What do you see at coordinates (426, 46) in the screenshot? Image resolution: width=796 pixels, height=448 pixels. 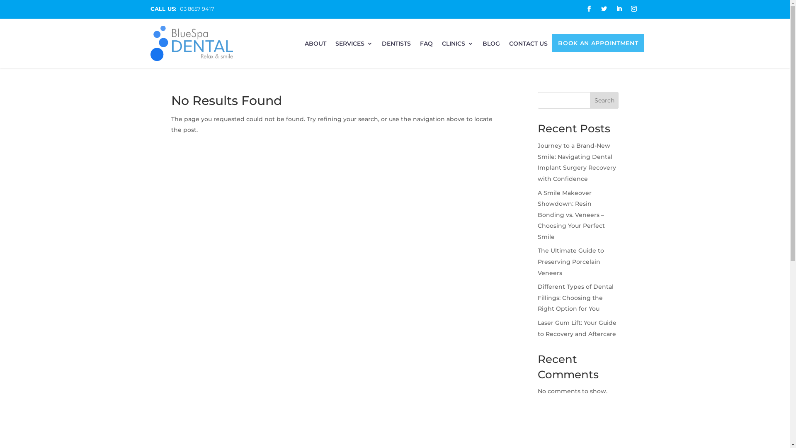 I see `'FAQ'` at bounding box center [426, 46].